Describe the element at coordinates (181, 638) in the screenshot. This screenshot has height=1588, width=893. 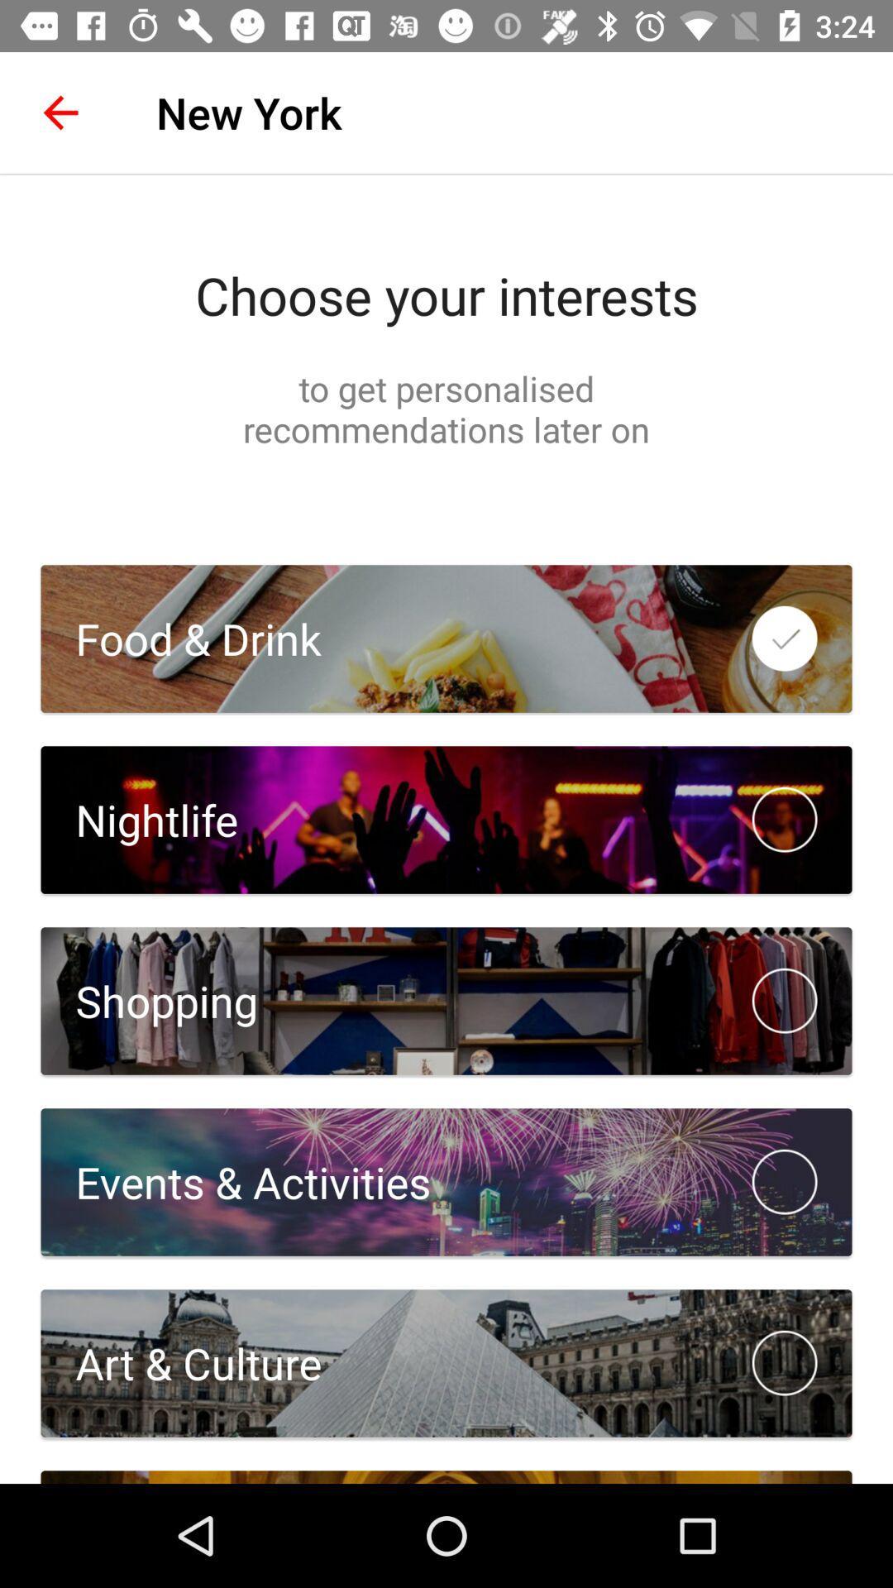
I see `the icon below the to get personalised` at that location.